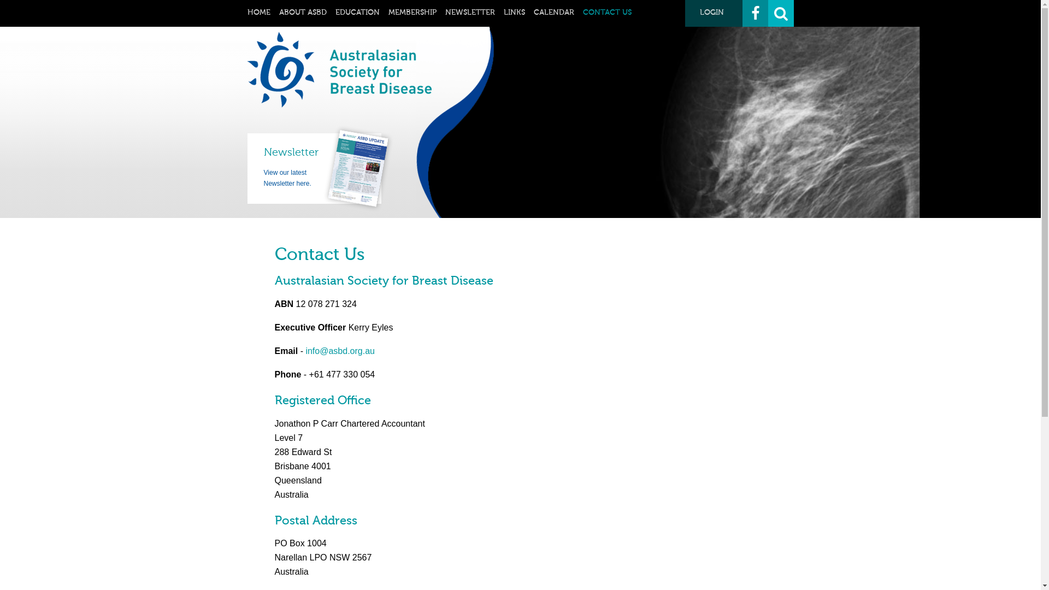 The height and width of the screenshot is (590, 1049). Describe the element at coordinates (258, 13) in the screenshot. I see `'HOME'` at that location.